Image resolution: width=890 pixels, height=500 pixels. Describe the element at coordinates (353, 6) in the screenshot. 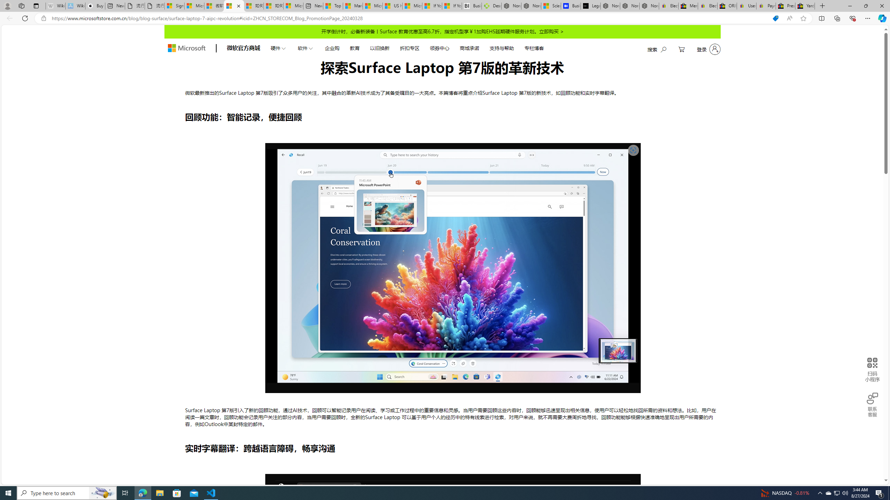

I see `'Marine life - MSN'` at that location.